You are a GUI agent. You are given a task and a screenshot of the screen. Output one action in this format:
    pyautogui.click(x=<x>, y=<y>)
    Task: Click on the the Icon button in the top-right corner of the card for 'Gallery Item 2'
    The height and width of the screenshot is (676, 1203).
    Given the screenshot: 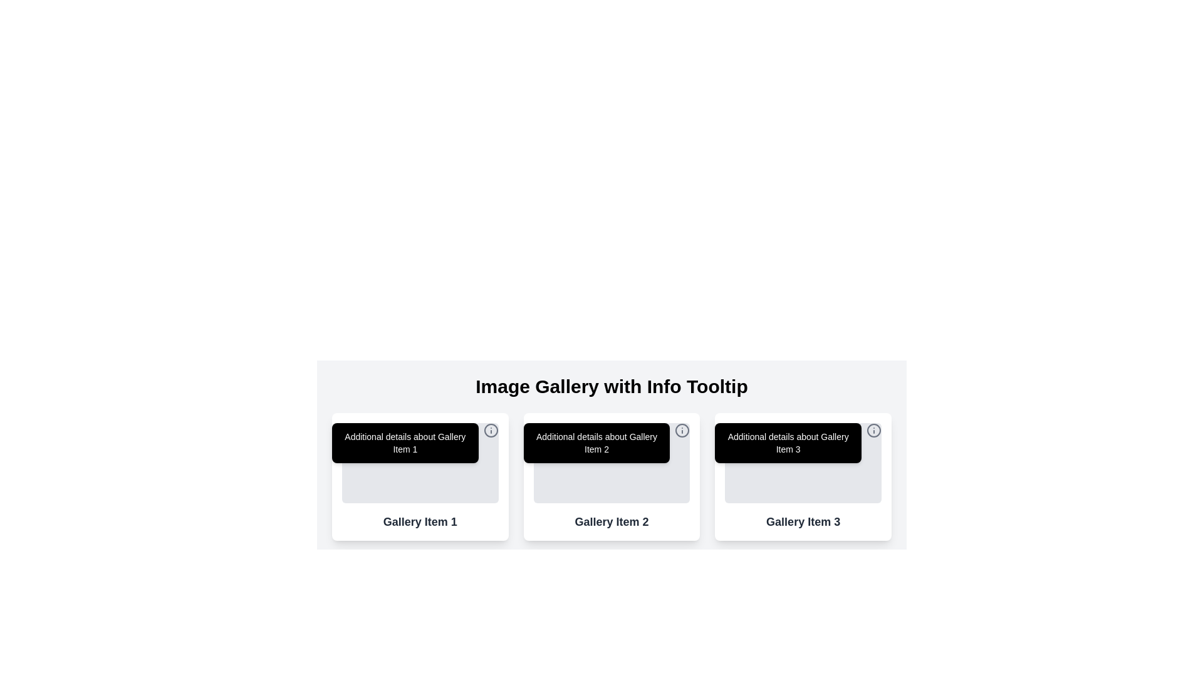 What is the action you would take?
    pyautogui.click(x=682, y=429)
    